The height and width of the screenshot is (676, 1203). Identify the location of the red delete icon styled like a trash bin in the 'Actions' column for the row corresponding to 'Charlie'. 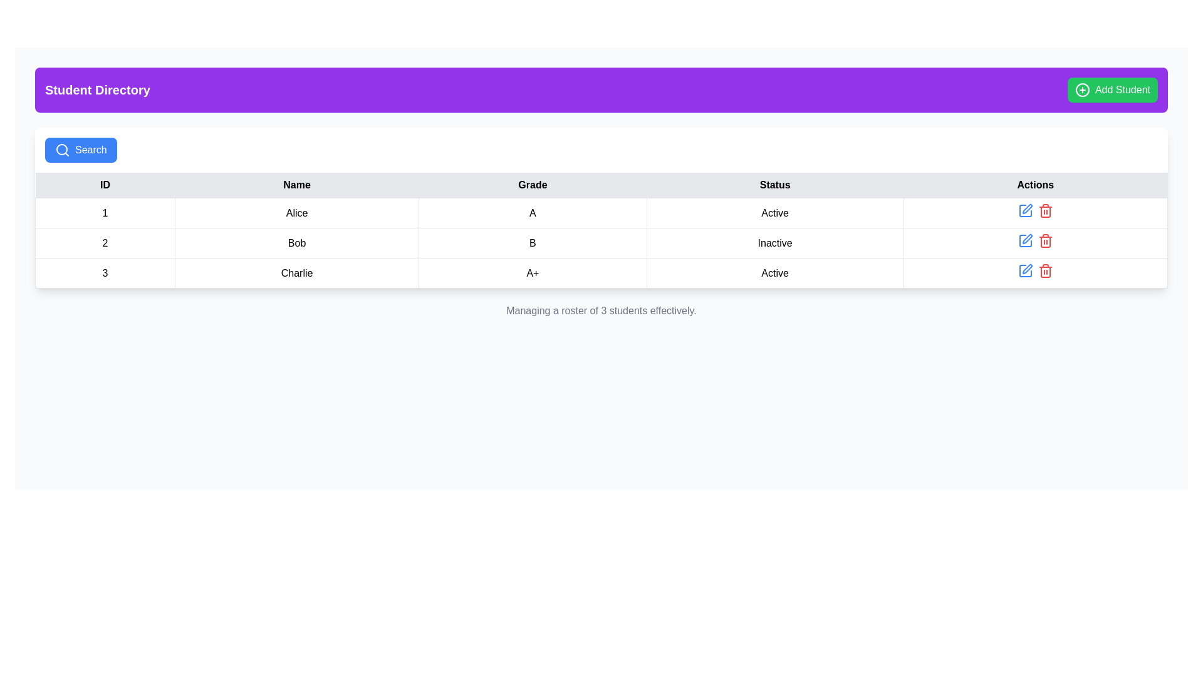
(1045, 210).